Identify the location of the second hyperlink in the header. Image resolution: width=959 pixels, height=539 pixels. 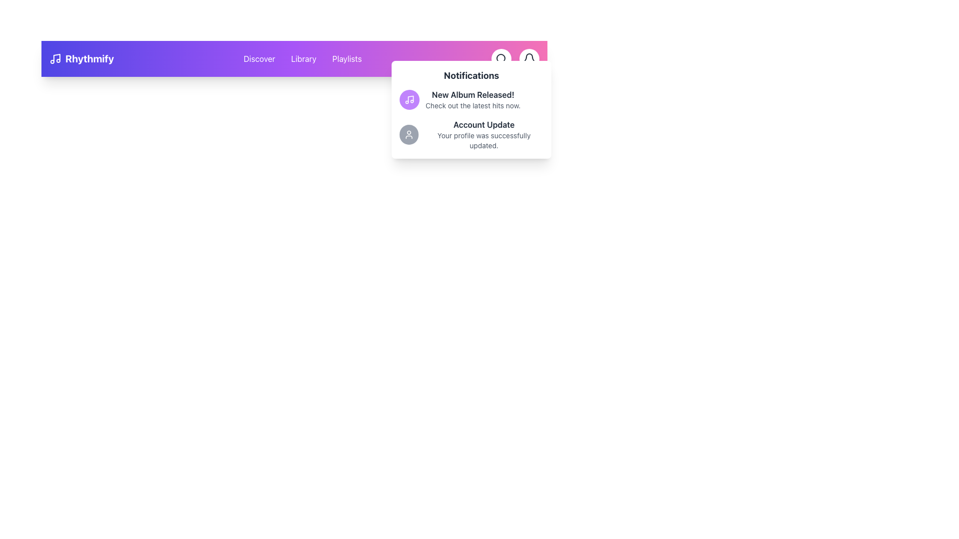
(303, 59).